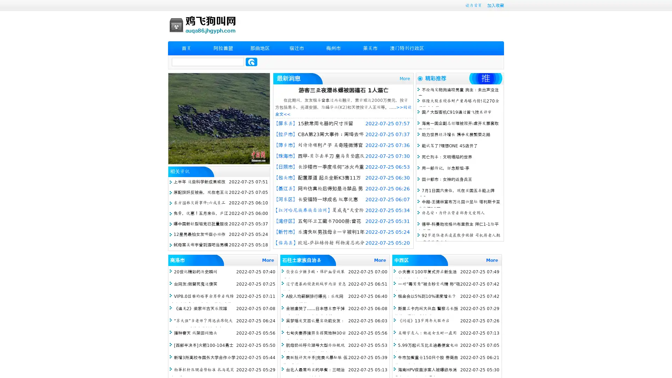 This screenshot has height=378, width=672. Describe the element at coordinates (251, 62) in the screenshot. I see `Search` at that location.